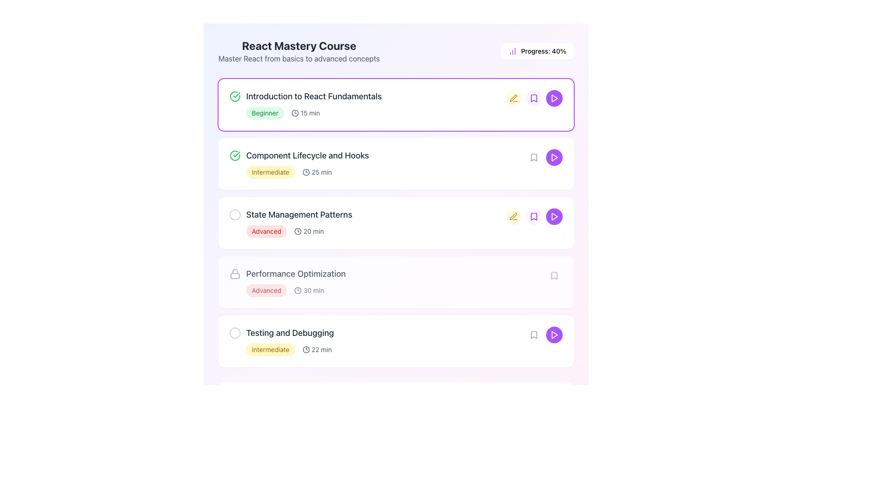 The height and width of the screenshot is (499, 887). What do you see at coordinates (306, 172) in the screenshot?
I see `the clock icon representing the duration of the 'Component Lifecycle and Hooks' course item, located to the left of the '25 min' text` at bounding box center [306, 172].